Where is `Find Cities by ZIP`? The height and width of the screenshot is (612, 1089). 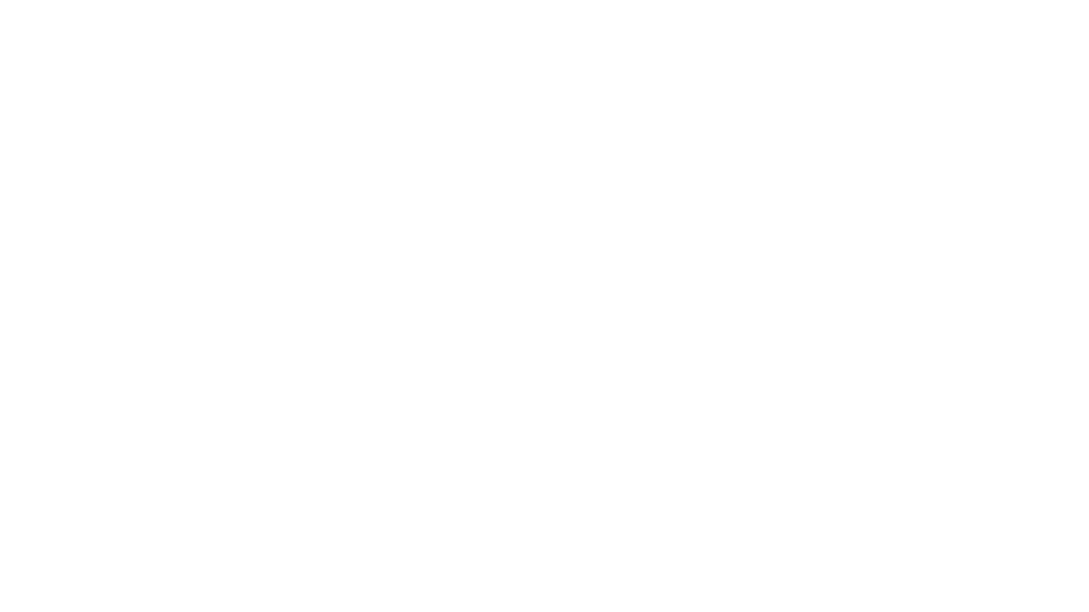
Find Cities by ZIP is located at coordinates (759, 228).